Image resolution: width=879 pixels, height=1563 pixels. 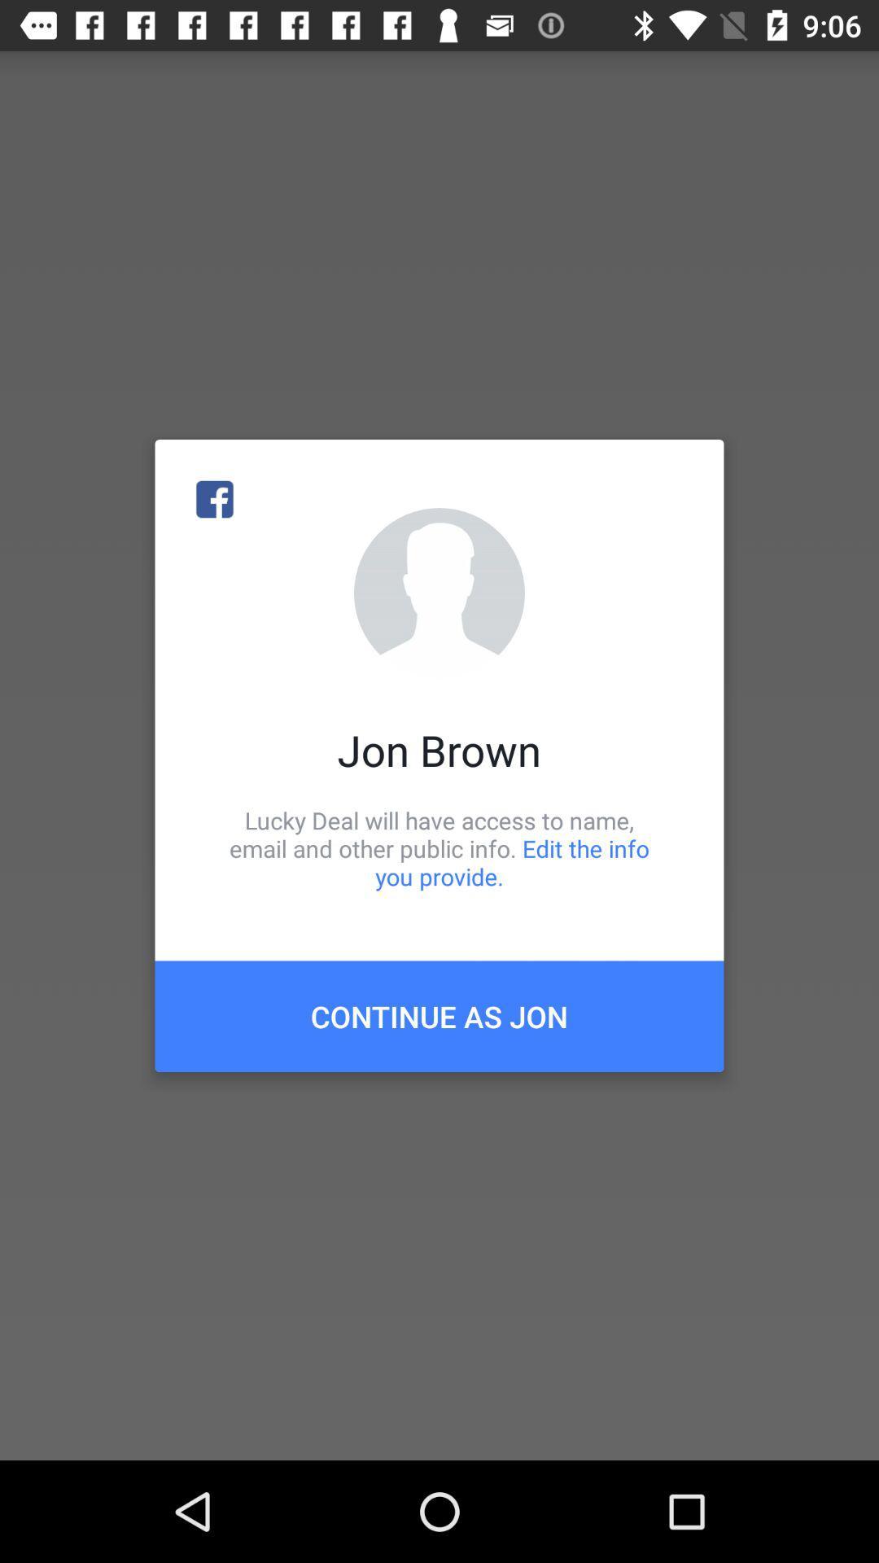 What do you see at coordinates (439, 847) in the screenshot?
I see `lucky deal will item` at bounding box center [439, 847].